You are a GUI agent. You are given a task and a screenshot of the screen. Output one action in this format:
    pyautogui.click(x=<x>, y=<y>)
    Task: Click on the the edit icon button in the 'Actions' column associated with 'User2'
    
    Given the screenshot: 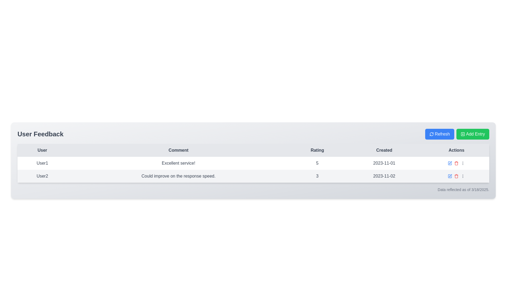 What is the action you would take?
    pyautogui.click(x=450, y=175)
    